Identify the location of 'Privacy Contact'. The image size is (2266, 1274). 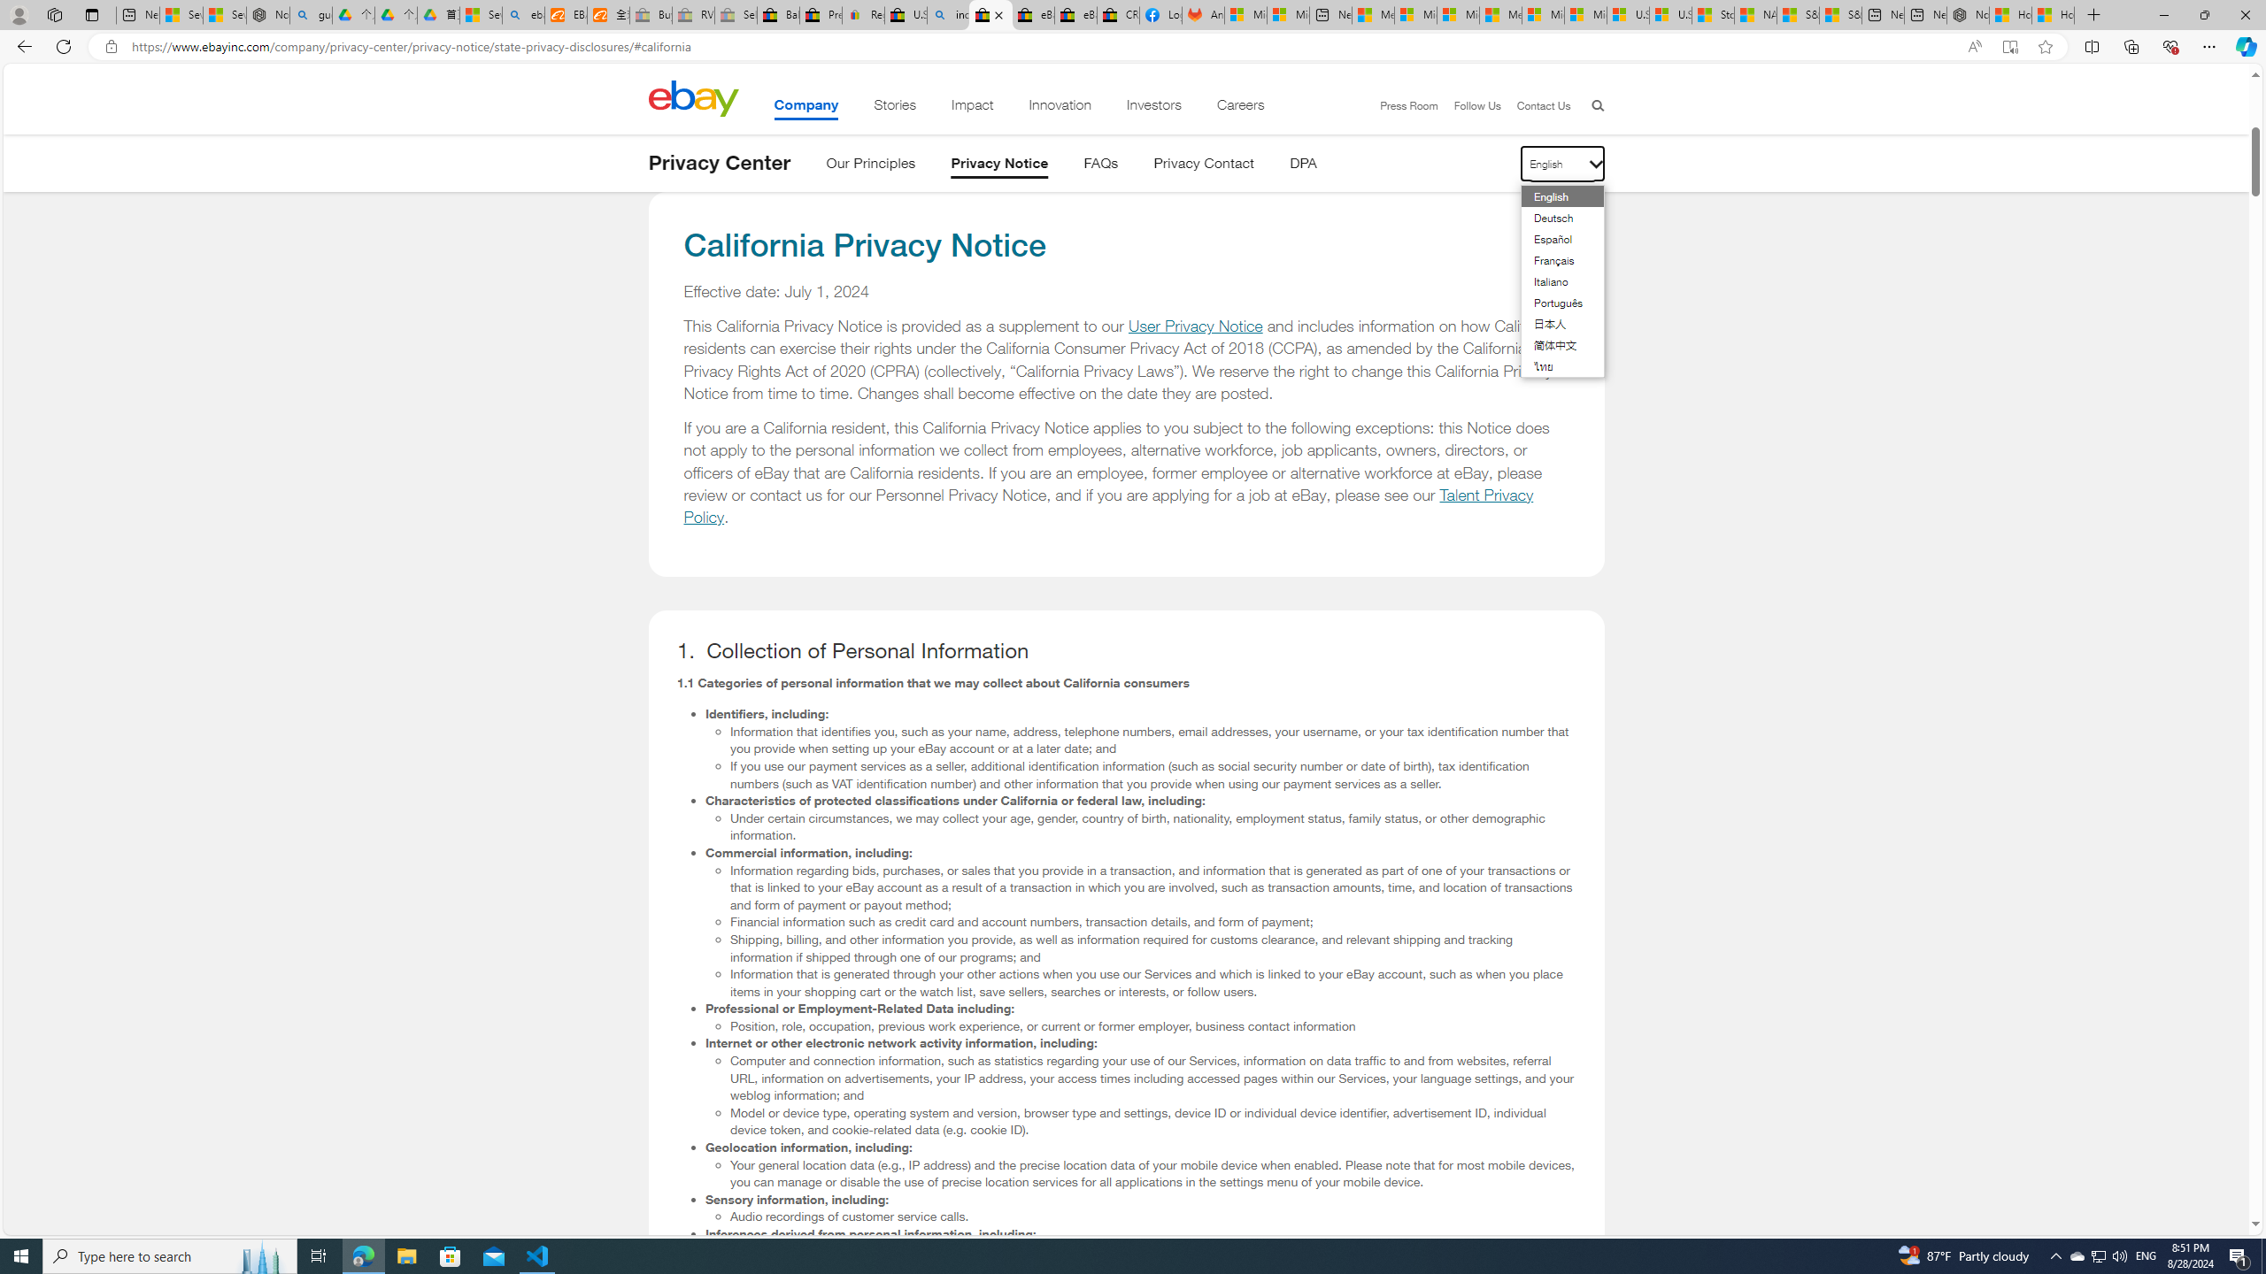
(1204, 165).